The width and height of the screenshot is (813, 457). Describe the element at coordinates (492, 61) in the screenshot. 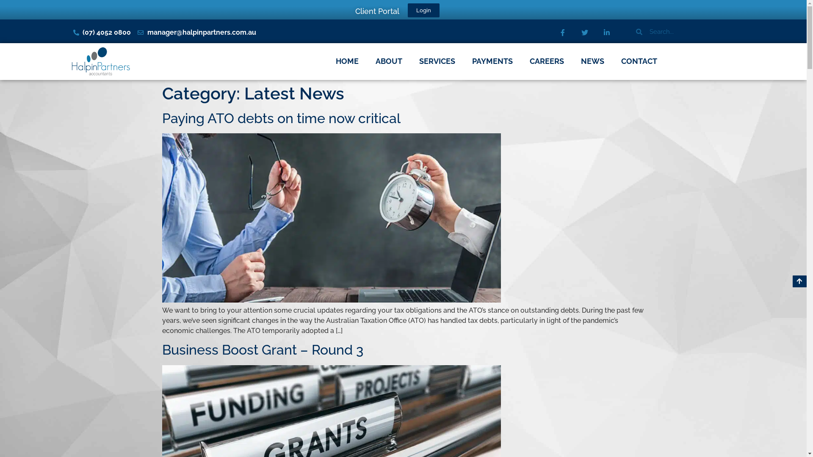

I see `'PAYMENTS'` at that location.